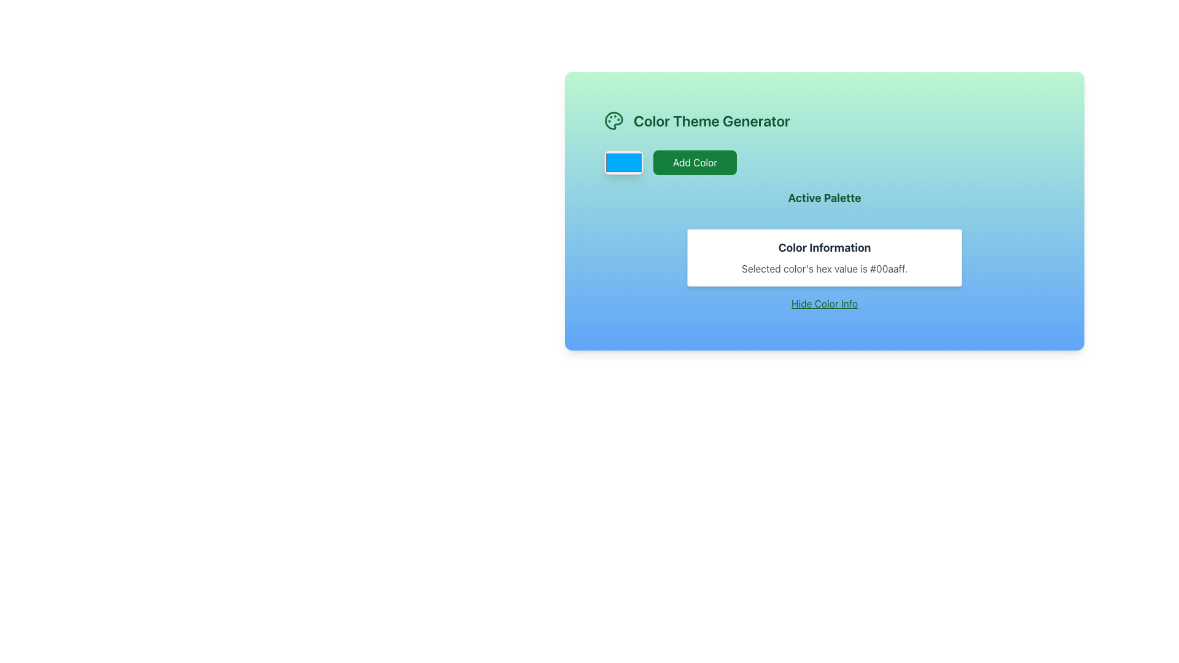 The height and width of the screenshot is (663, 1179). I want to click on the 'Active Palette' text label, which is displayed in bold and green color, positioned below the 'Add Color' button, so click(825, 201).